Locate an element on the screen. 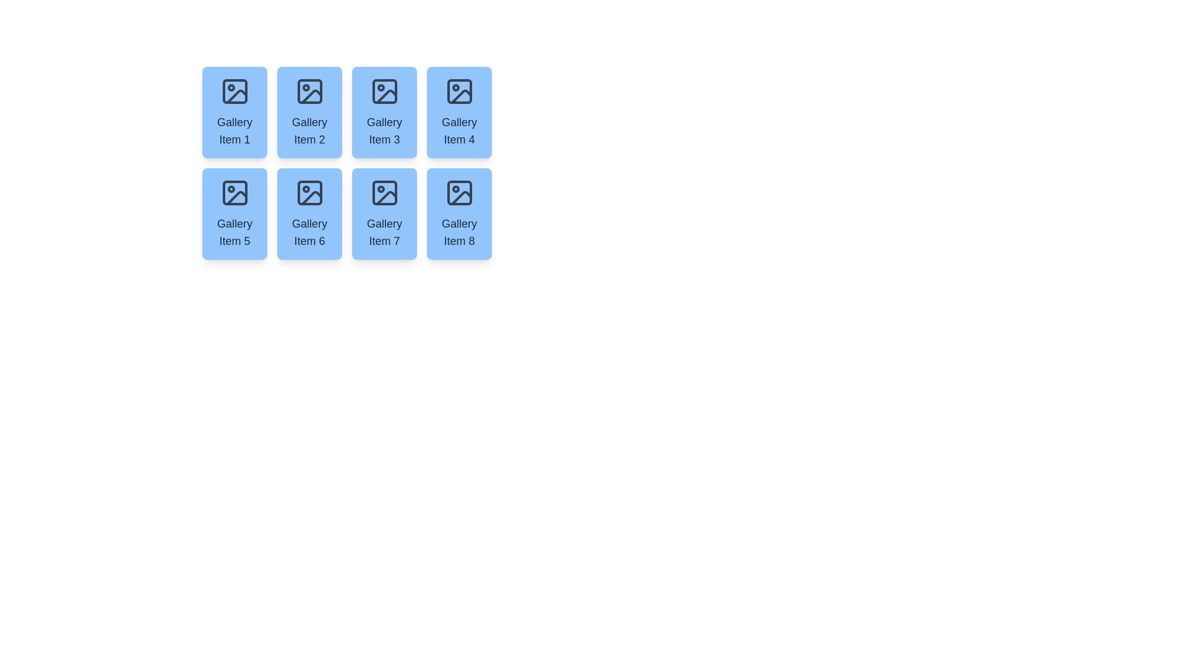 The height and width of the screenshot is (668, 1188). the gallery item card located is located at coordinates (458, 112).